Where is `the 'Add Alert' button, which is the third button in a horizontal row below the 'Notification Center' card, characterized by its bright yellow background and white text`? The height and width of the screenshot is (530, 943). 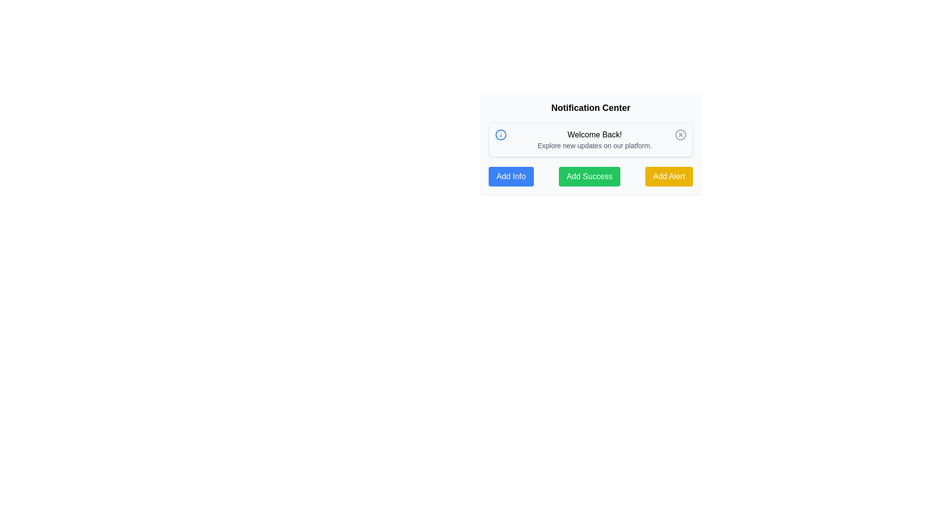
the 'Add Alert' button, which is the third button in a horizontal row below the 'Notification Center' card, characterized by its bright yellow background and white text is located at coordinates (668, 176).